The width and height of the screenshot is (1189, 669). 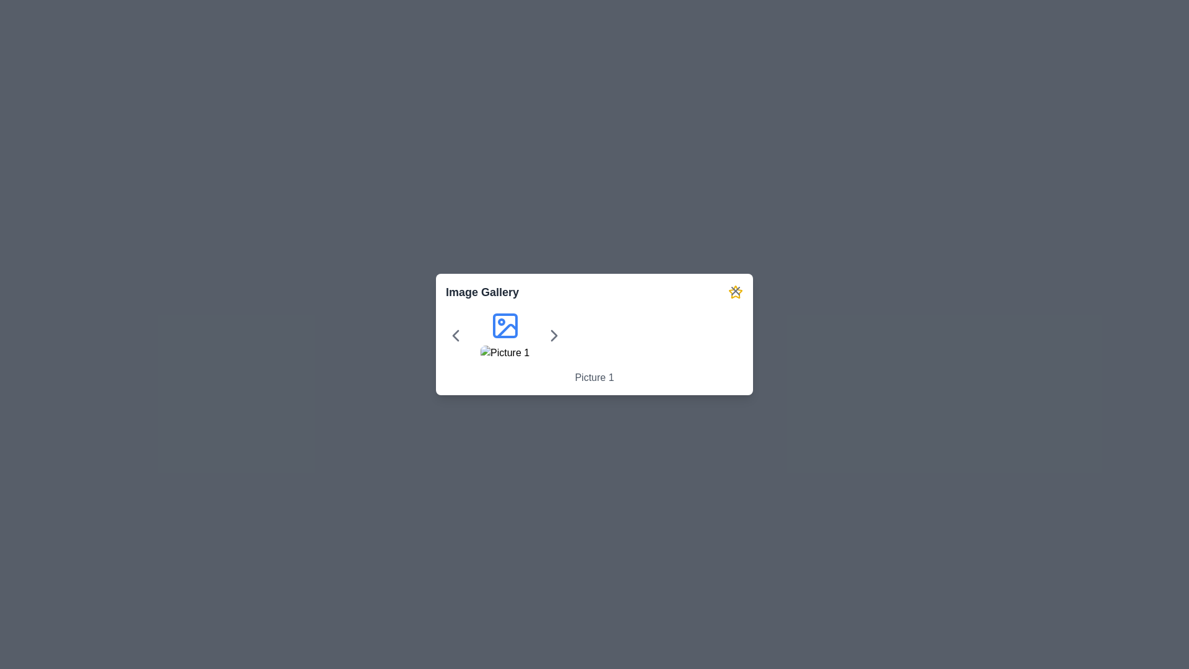 What do you see at coordinates (455, 336) in the screenshot?
I see `the leftward chevron arrow button located in the image gallery's control panel to change its appearance` at bounding box center [455, 336].